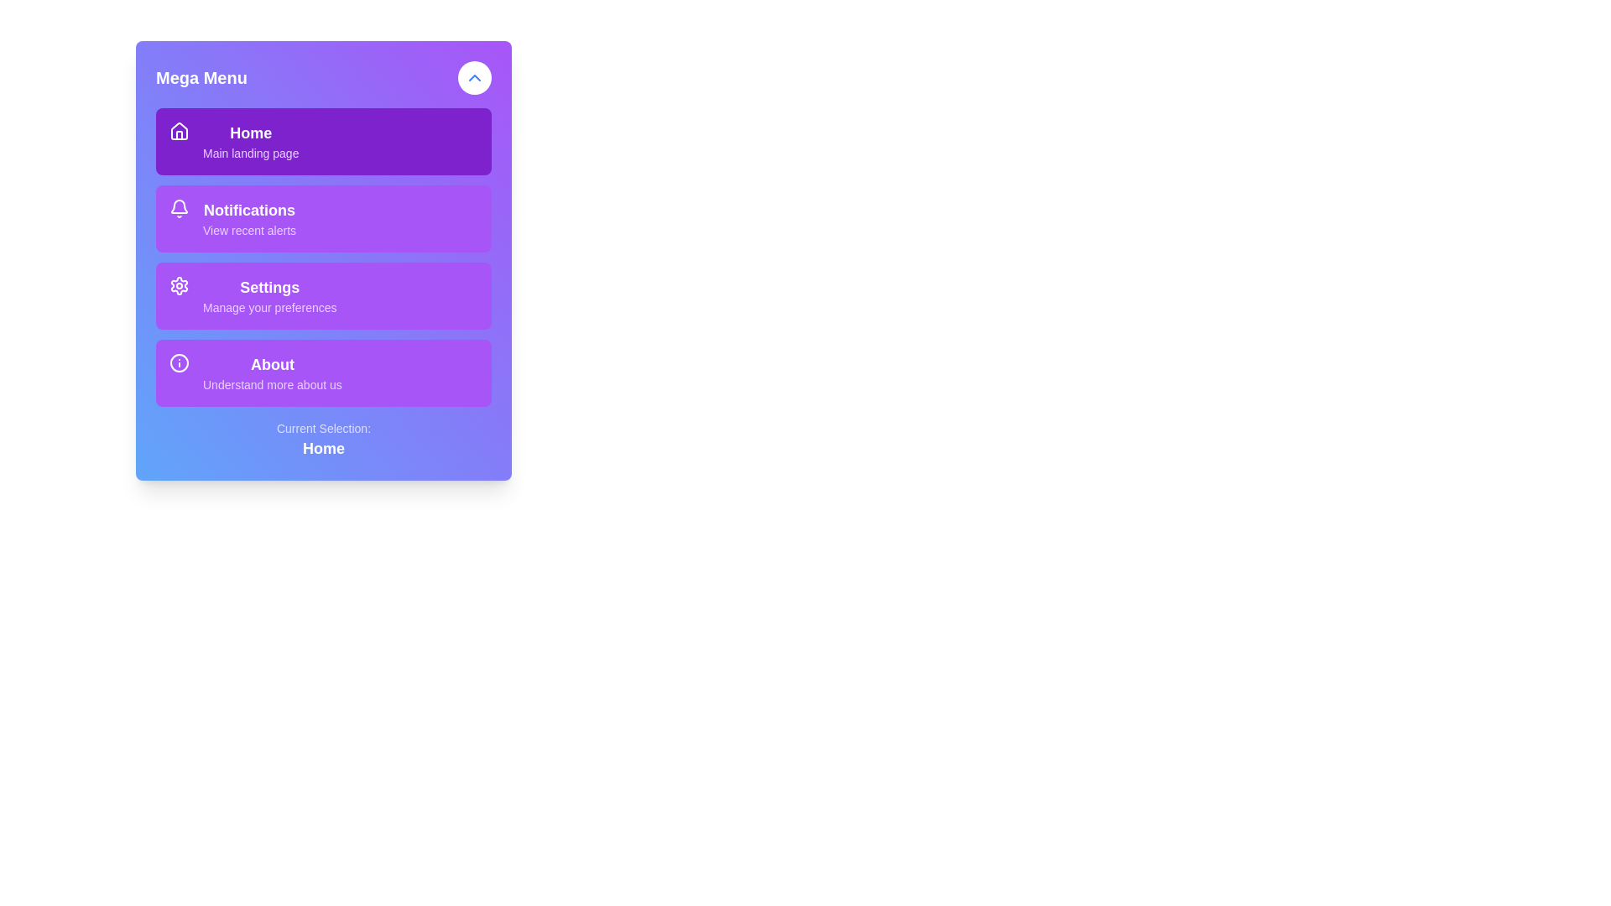 Image resolution: width=1611 pixels, height=906 pixels. What do you see at coordinates (248, 230) in the screenshot?
I see `the text label displaying 'View recent alerts' in a light purple color, located within the 'Notifications' section of the vertical menu` at bounding box center [248, 230].